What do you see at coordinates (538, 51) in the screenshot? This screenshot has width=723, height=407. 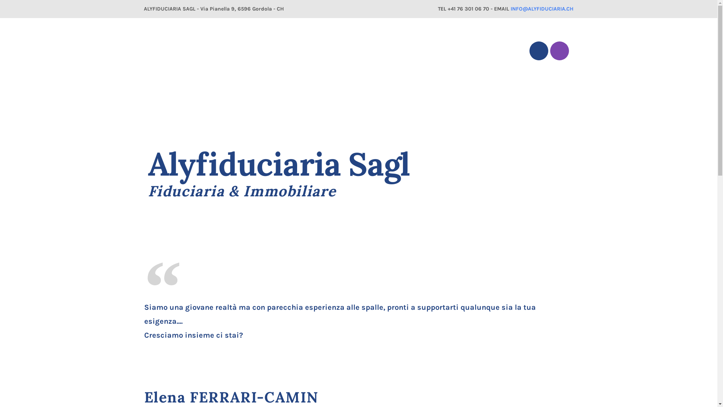 I see `'Facebook'` at bounding box center [538, 51].